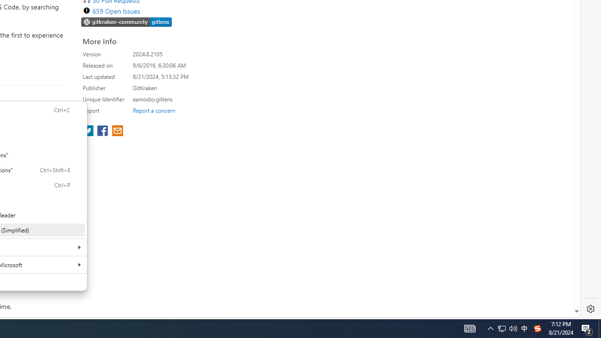 This screenshot has height=338, width=601. What do you see at coordinates (590, 309) in the screenshot?
I see `'Settings'` at bounding box center [590, 309].